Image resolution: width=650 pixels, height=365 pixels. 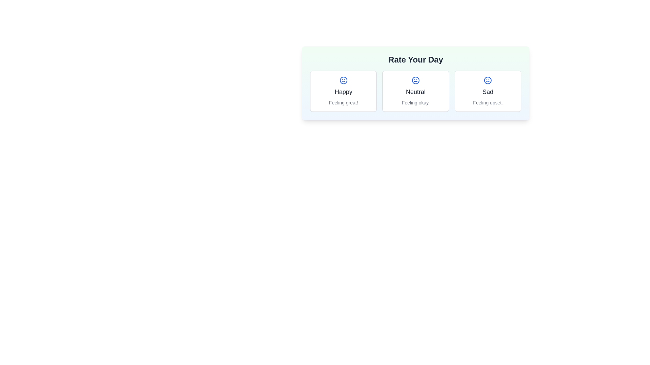 I want to click on the 'Happy' rating icon in the user feedback interface, located centrally within the leftmost card labeled 'Happy', directly above the text 'Feeling great!', so click(x=343, y=80).